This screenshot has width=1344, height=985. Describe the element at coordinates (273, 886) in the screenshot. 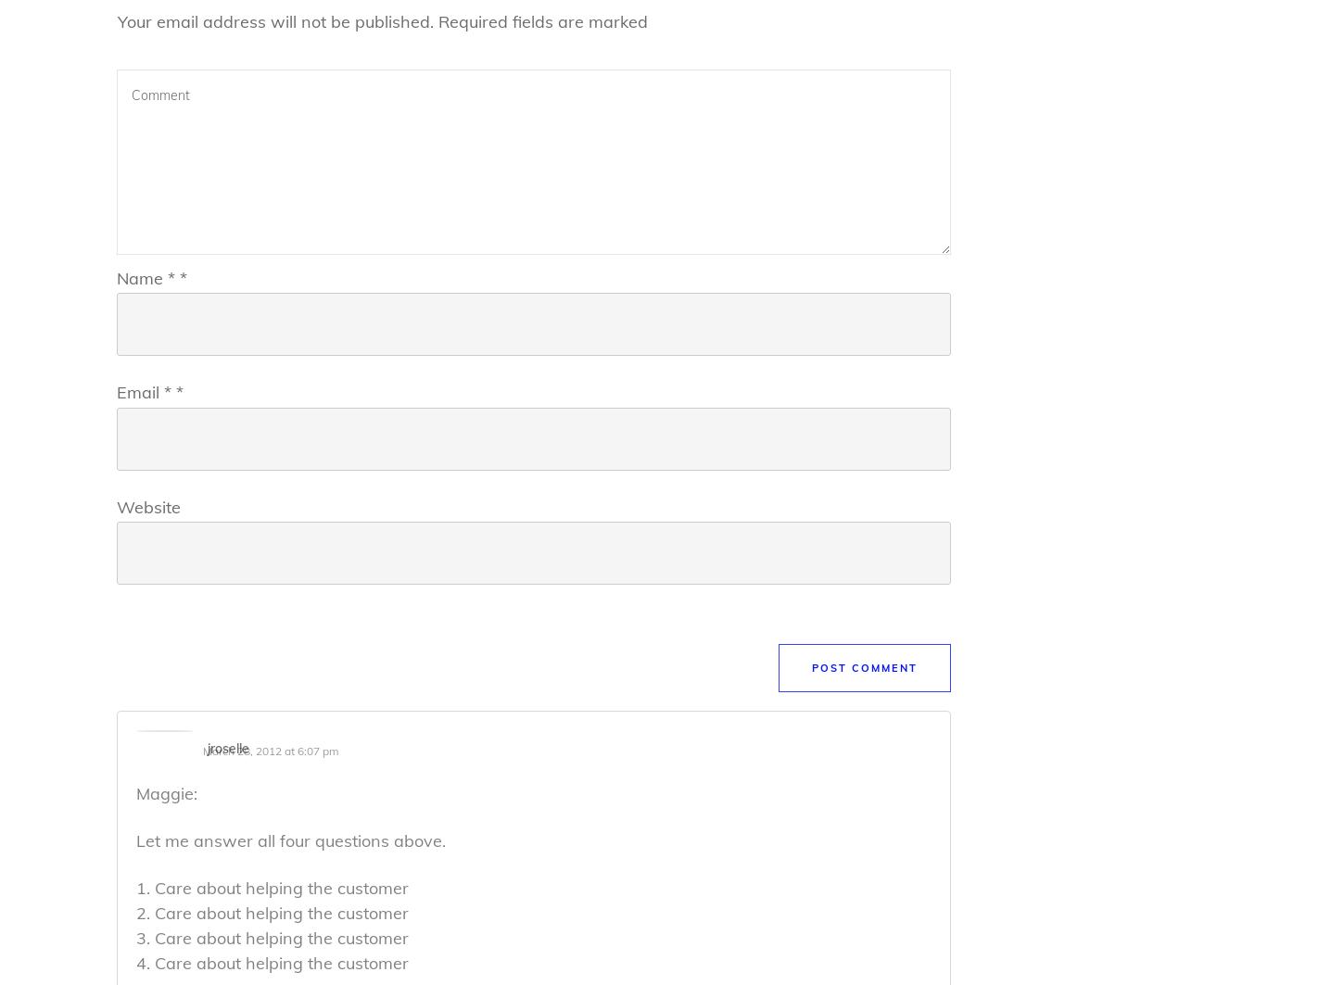

I see `'1. Care about helping the customer'` at that location.